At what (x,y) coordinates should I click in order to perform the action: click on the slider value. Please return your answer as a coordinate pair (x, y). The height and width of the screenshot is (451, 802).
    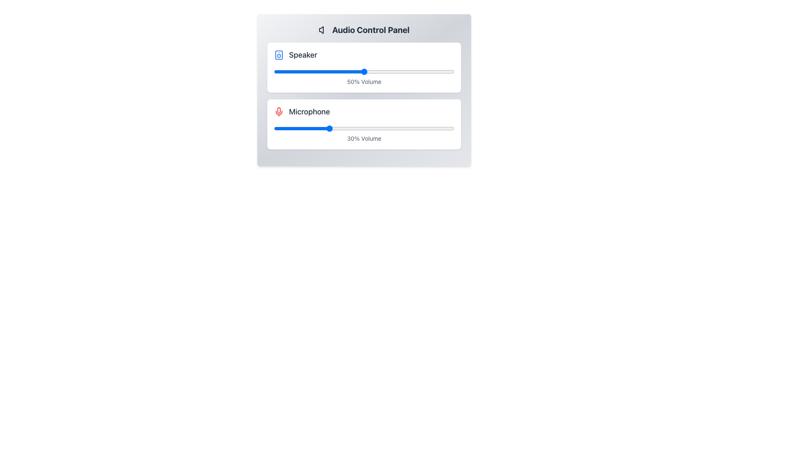
    Looking at the image, I should click on (279, 71).